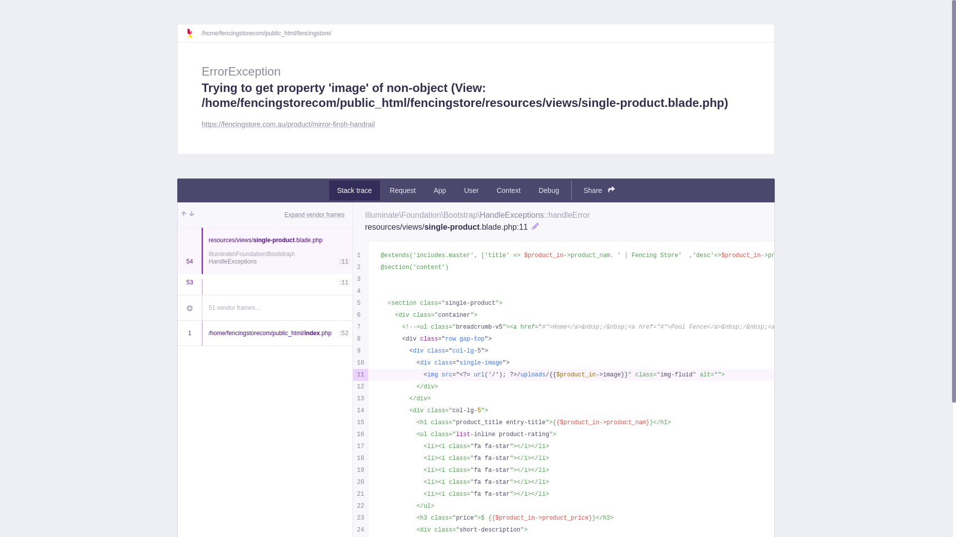  What do you see at coordinates (288, 124) in the screenshot?
I see `'https://fencingstore.com.au/product/mirror-finsh-handrail'` at bounding box center [288, 124].